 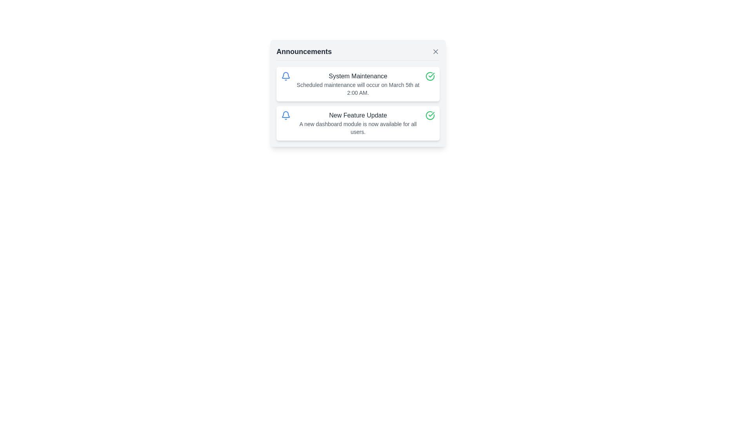 I want to click on the Text element located below the title in the 'System Maintenance' notification card, so click(x=357, y=89).